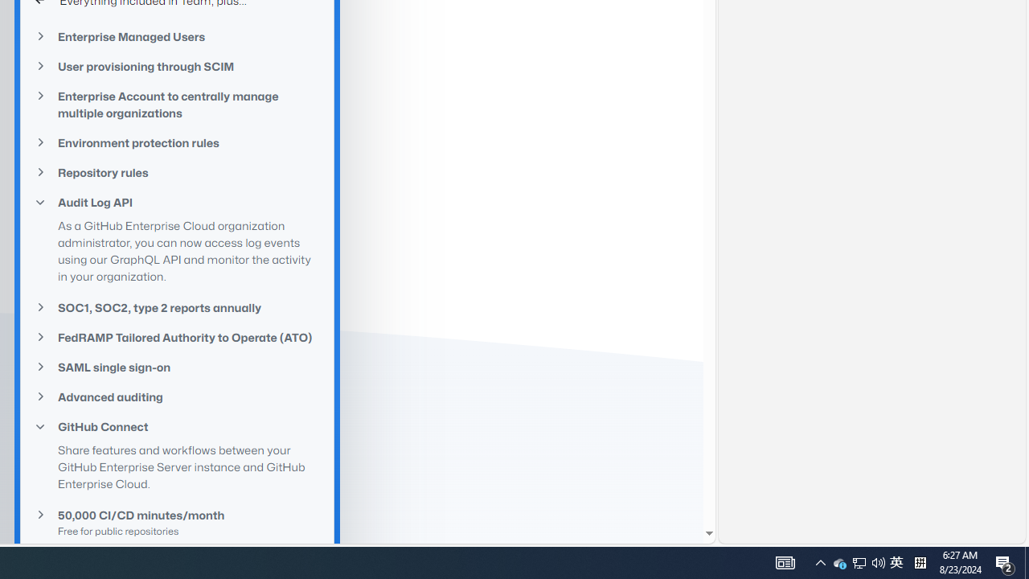  What do you see at coordinates (177, 142) in the screenshot?
I see `'Environment protection rules'` at bounding box center [177, 142].